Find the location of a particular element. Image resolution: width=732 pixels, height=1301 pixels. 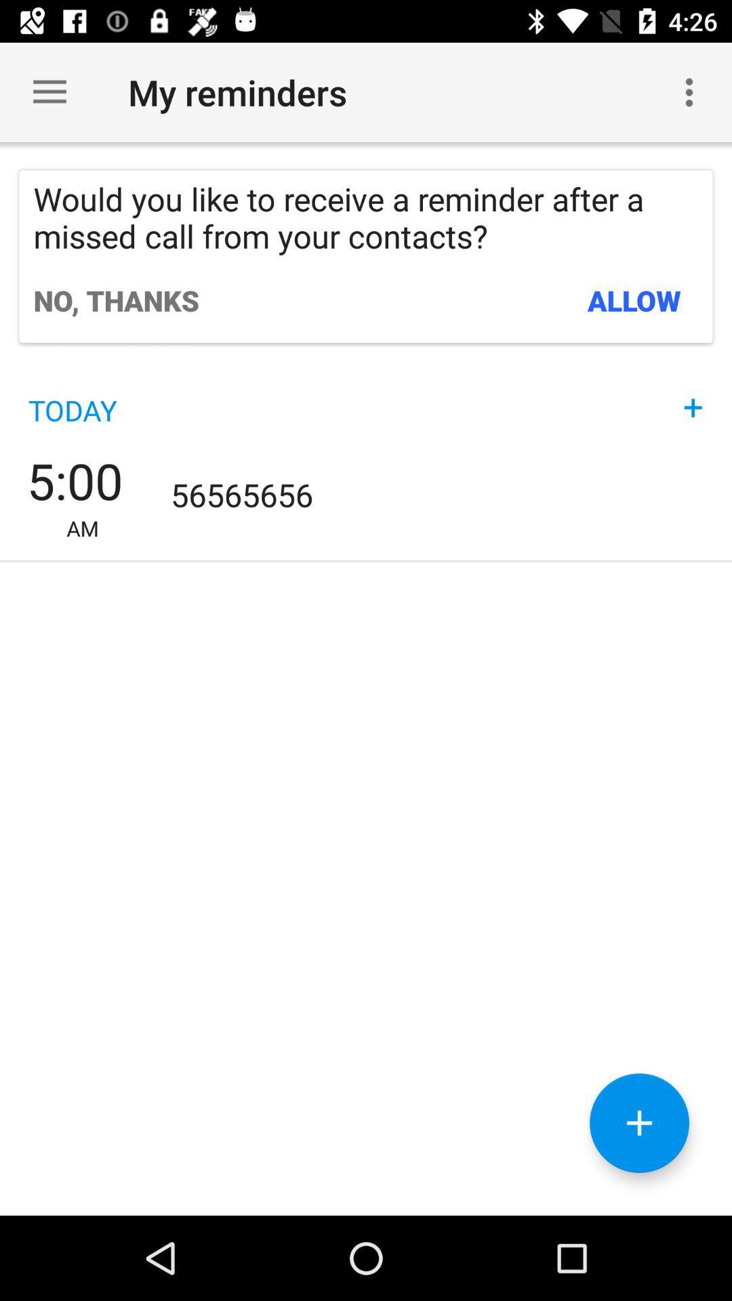

item next to the my reminders is located at coordinates (689, 91).